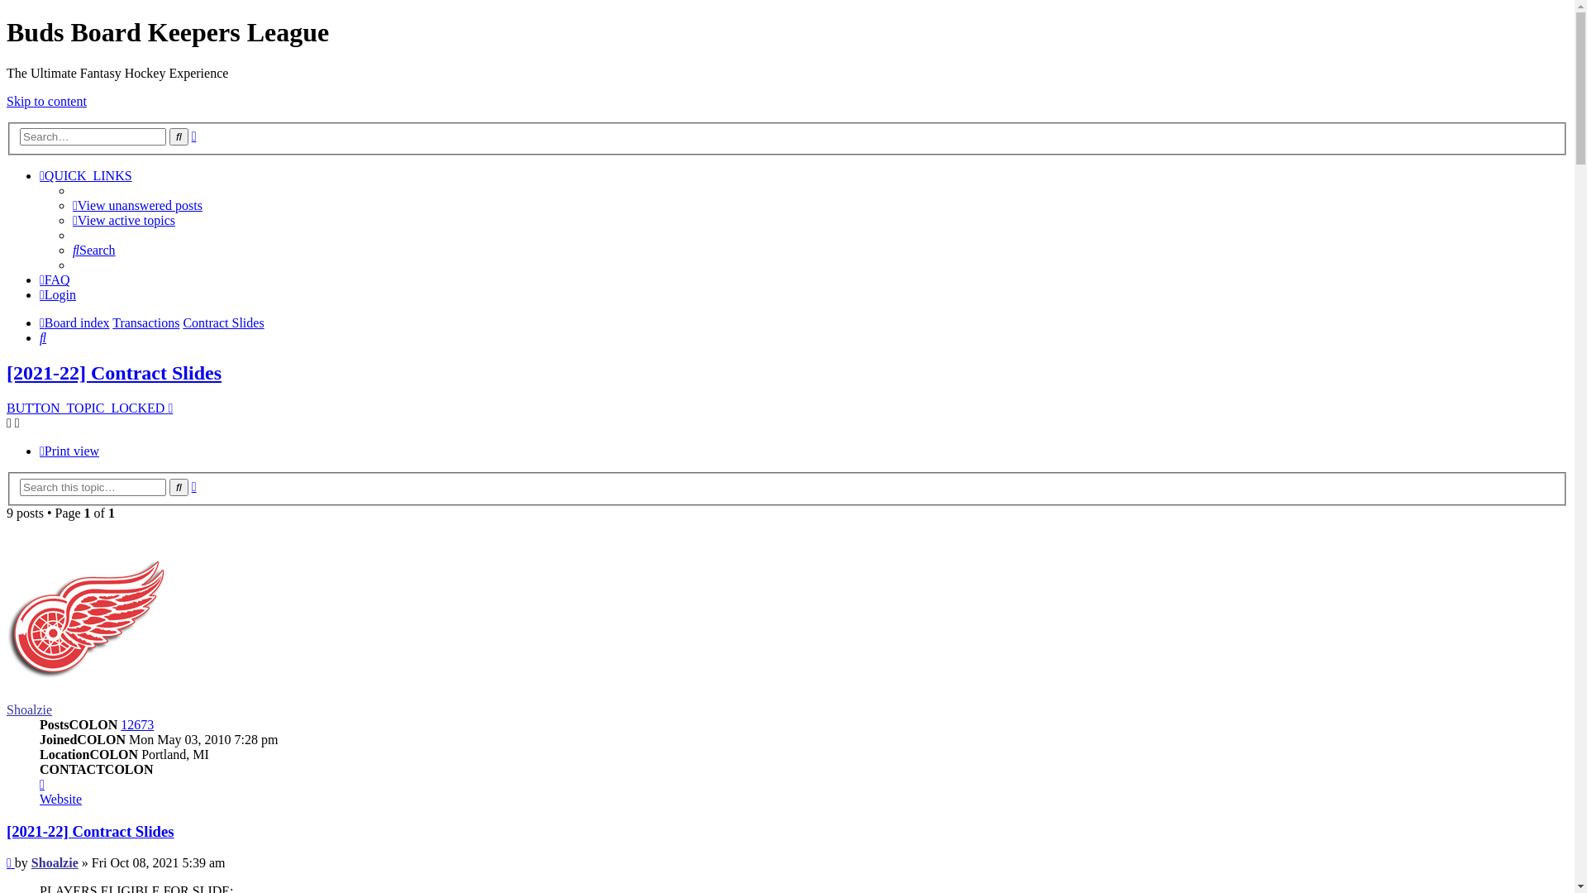  I want to click on 'Board index', so click(74, 322).